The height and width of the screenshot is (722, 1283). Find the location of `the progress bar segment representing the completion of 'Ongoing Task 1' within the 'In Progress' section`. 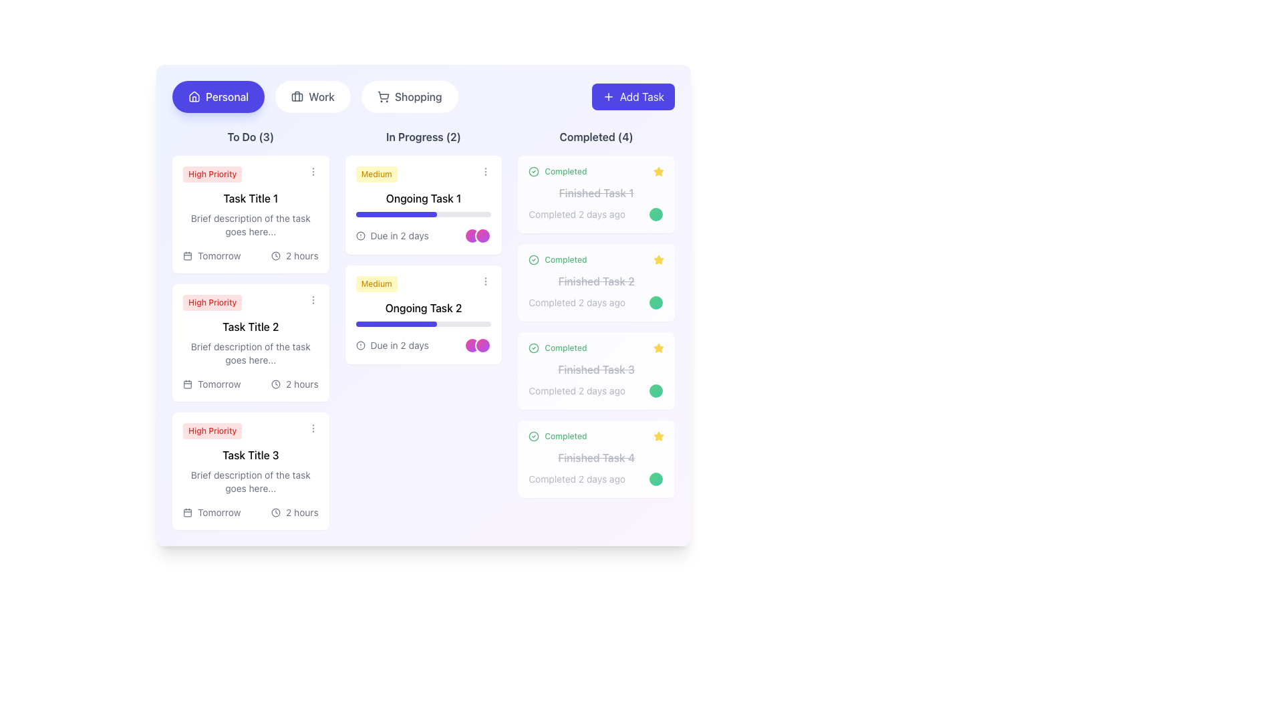

the progress bar segment representing the completion of 'Ongoing Task 1' within the 'In Progress' section is located at coordinates (396, 213).